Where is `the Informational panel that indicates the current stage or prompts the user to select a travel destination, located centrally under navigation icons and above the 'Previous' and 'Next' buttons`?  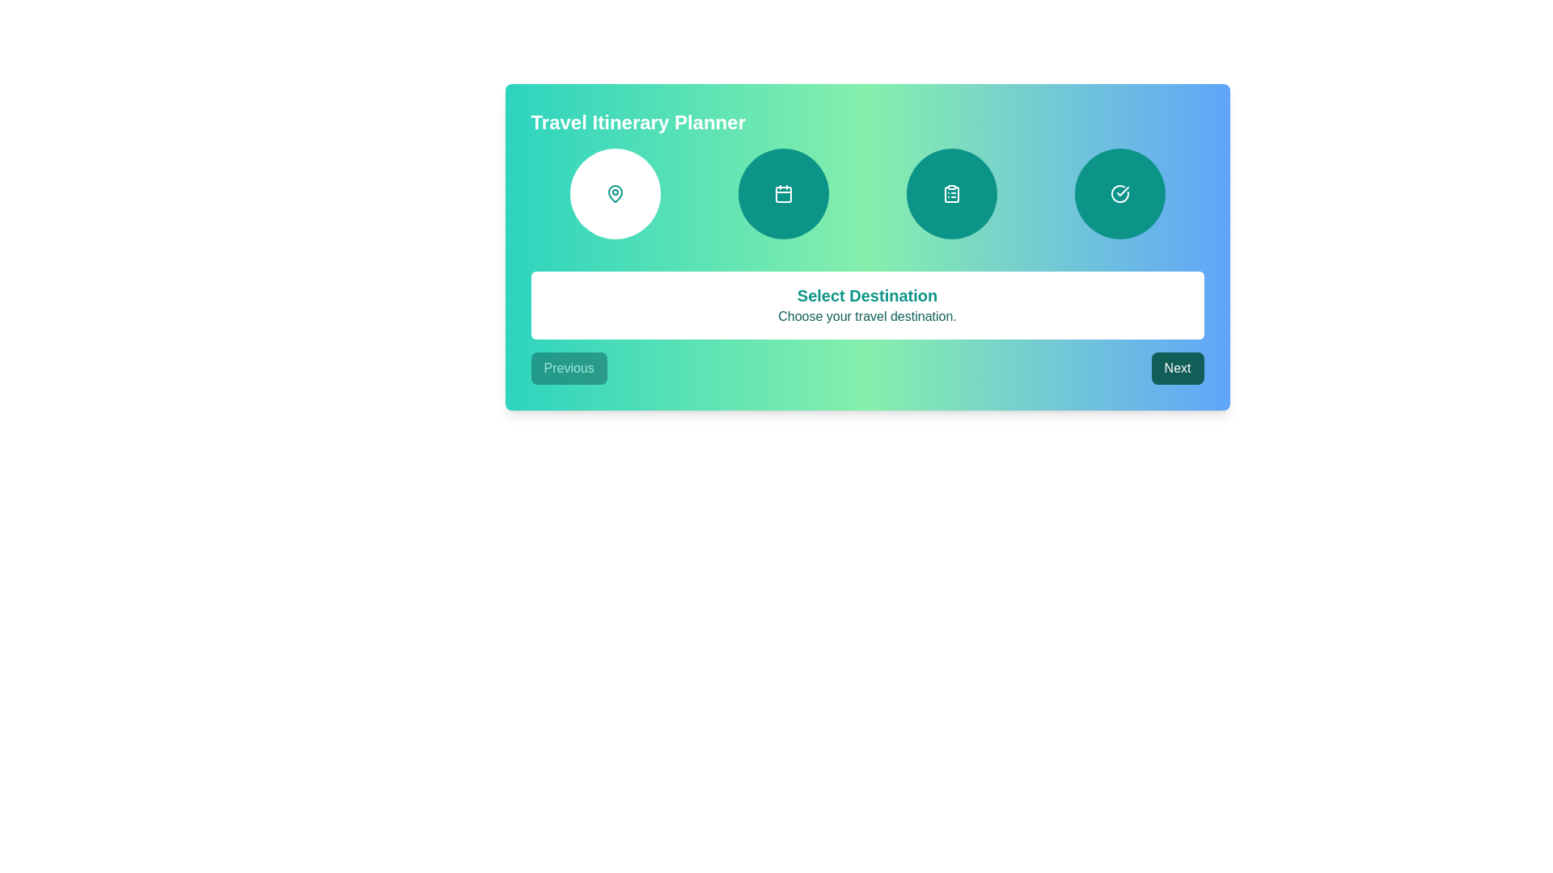 the Informational panel that indicates the current stage or prompts the user to select a travel destination, located centrally under navigation icons and above the 'Previous' and 'Next' buttons is located at coordinates (866, 306).